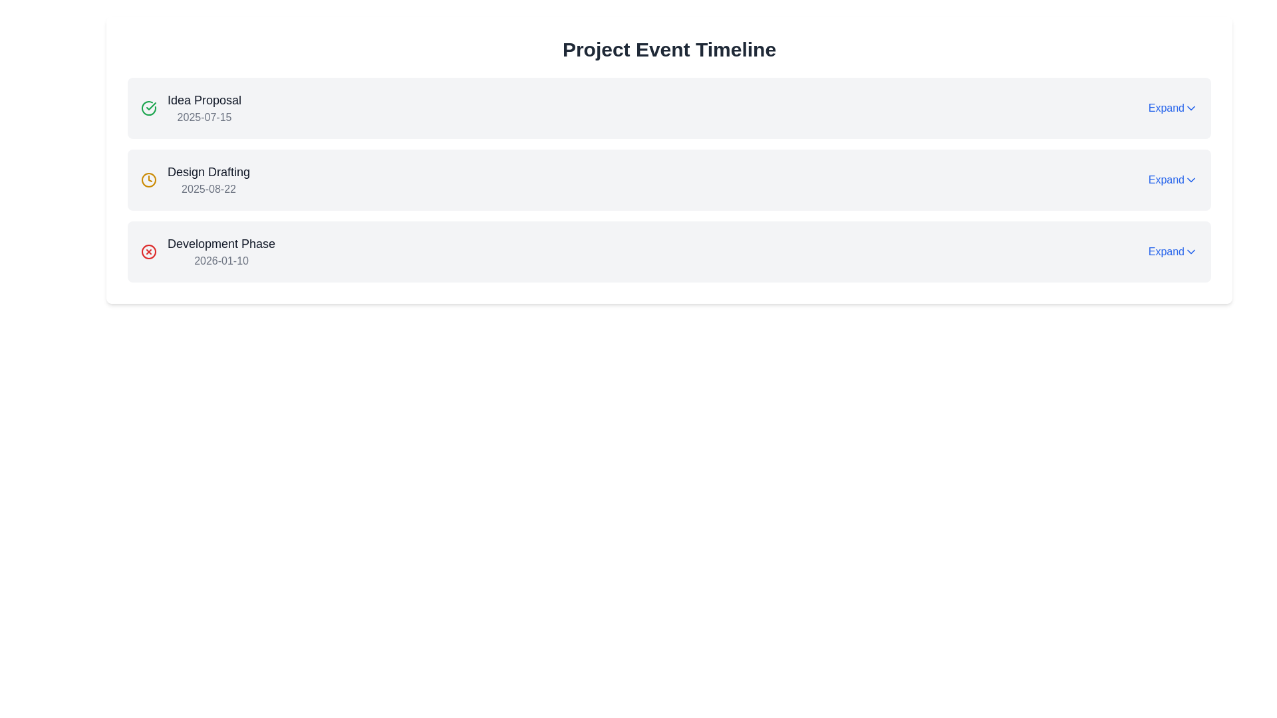 This screenshot has width=1277, height=718. What do you see at coordinates (151, 105) in the screenshot?
I see `the green checkmark icon indicating success, located next to the text 'Idea Proposal - 2025-07-15' in the 'Project Event Timeline' list` at bounding box center [151, 105].